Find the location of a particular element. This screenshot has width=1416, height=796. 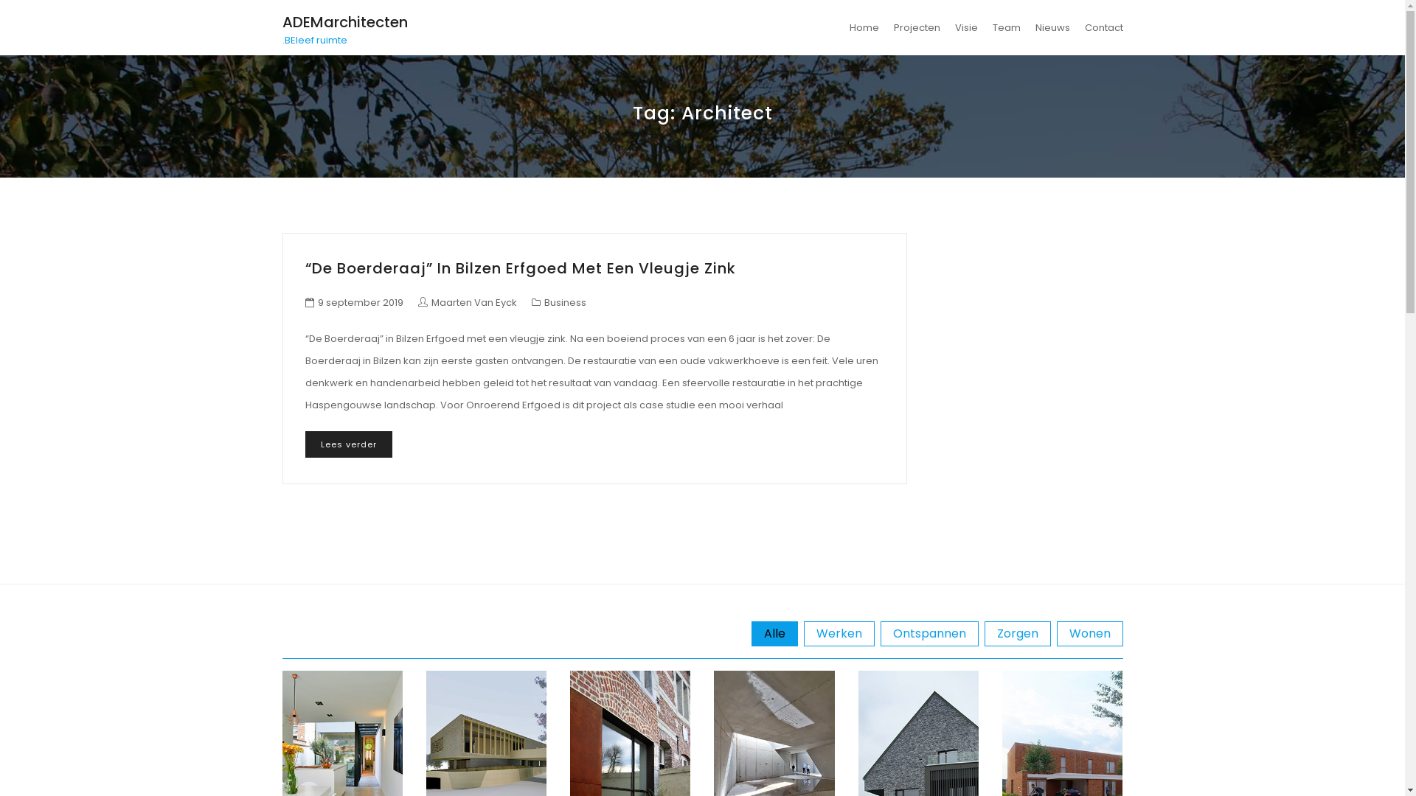

'Visie' is located at coordinates (965, 27).